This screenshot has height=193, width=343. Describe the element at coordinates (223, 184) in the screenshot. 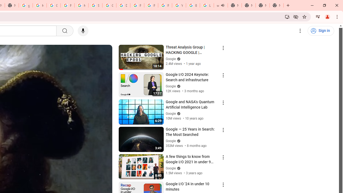

I see `'Action menu'` at that location.